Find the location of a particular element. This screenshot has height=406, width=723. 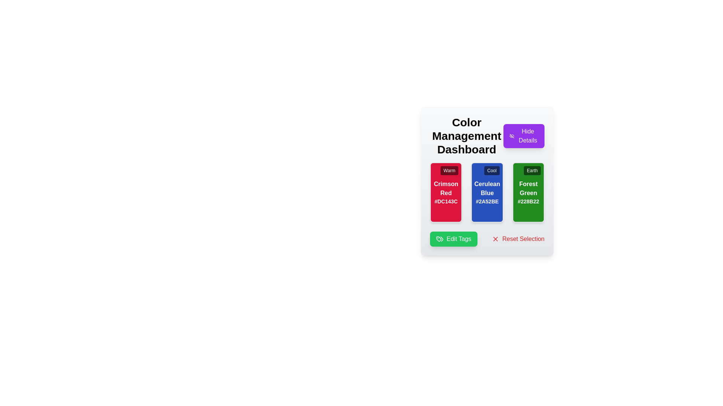

the red 'X' icon on the 'Reset Selection' button is located at coordinates (495, 239).